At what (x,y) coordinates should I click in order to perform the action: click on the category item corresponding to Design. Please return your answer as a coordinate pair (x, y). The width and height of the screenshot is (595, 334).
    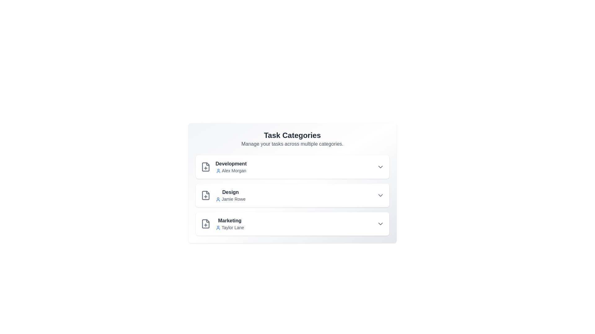
    Looking at the image, I should click on (292, 195).